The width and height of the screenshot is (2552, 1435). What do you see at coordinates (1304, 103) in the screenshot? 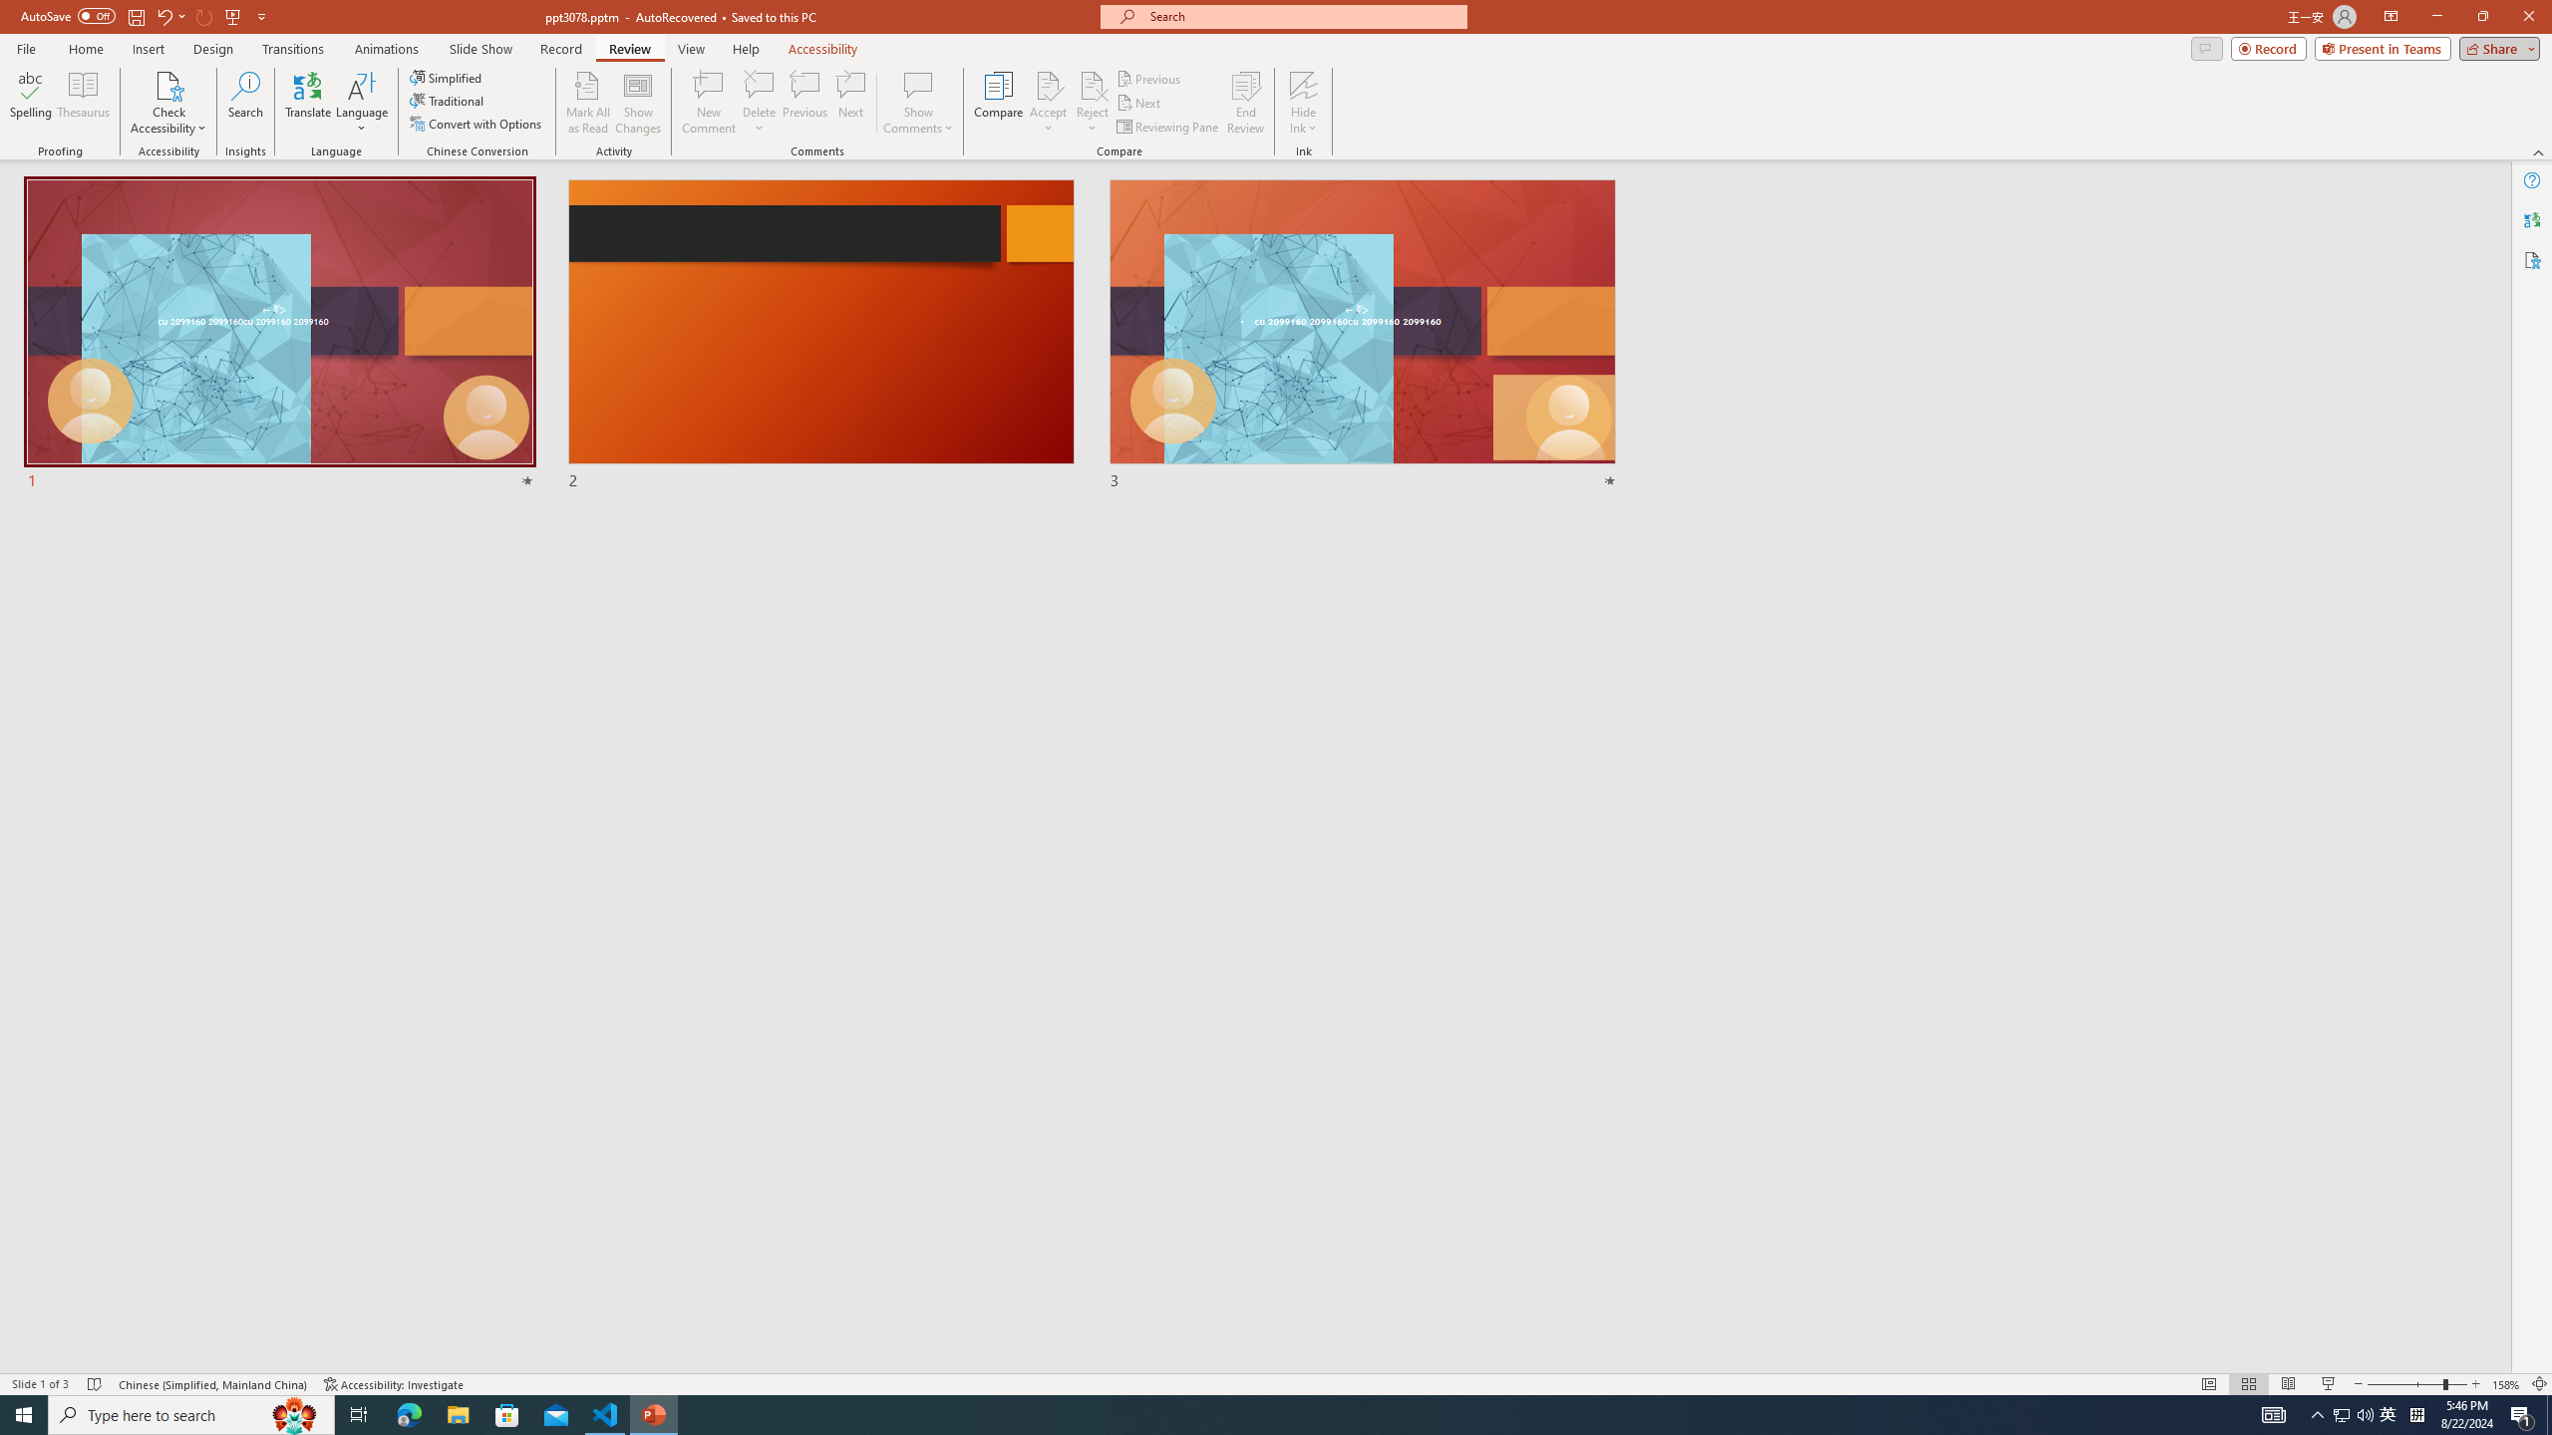
I see `'Hide Ink'` at bounding box center [1304, 103].